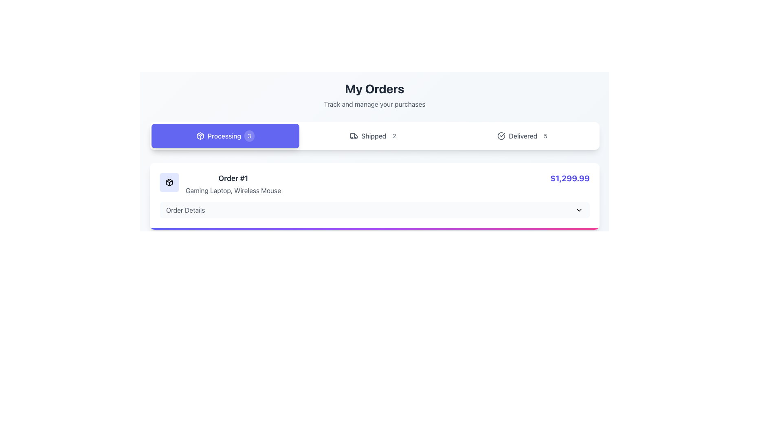 The height and width of the screenshot is (440, 782). Describe the element at coordinates (169, 182) in the screenshot. I see `the package icon within the light indigo circular area at the top-left corner of the order details card` at that location.